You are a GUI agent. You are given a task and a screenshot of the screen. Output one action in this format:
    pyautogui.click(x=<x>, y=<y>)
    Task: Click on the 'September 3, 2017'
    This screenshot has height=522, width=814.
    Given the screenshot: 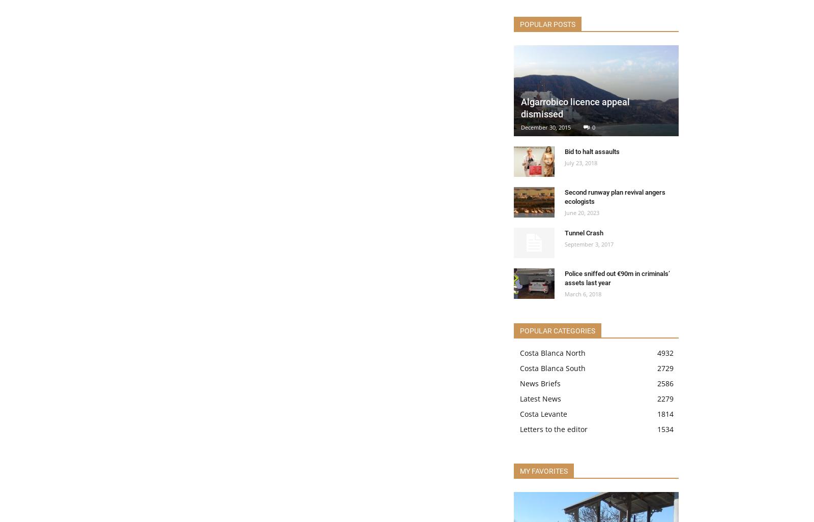 What is the action you would take?
    pyautogui.click(x=589, y=244)
    